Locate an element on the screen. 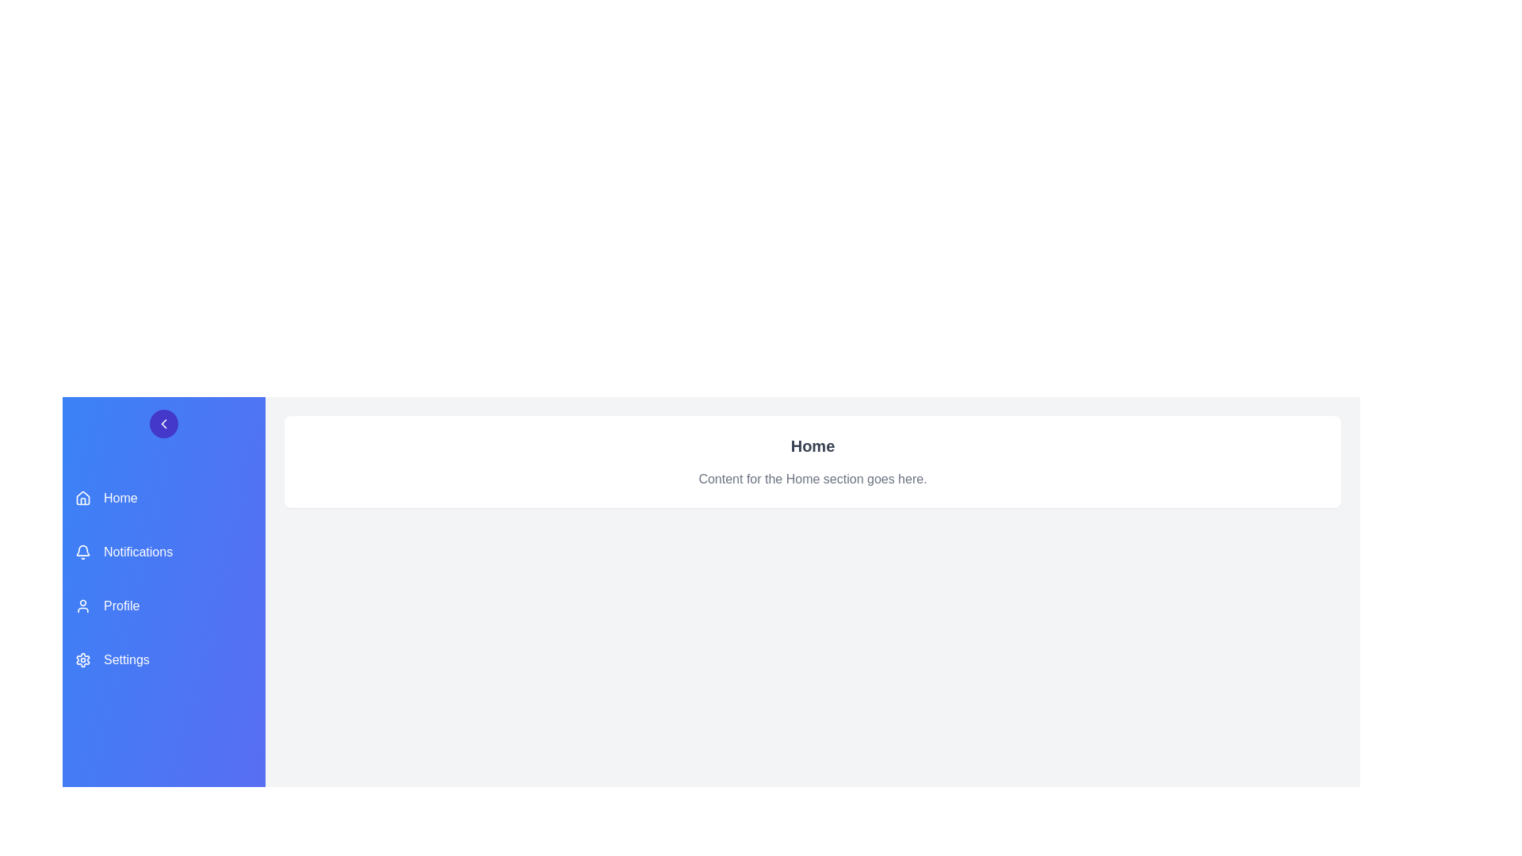  the upper-left icon button in the circular control of the vertical side navigation bar is located at coordinates (163, 423).